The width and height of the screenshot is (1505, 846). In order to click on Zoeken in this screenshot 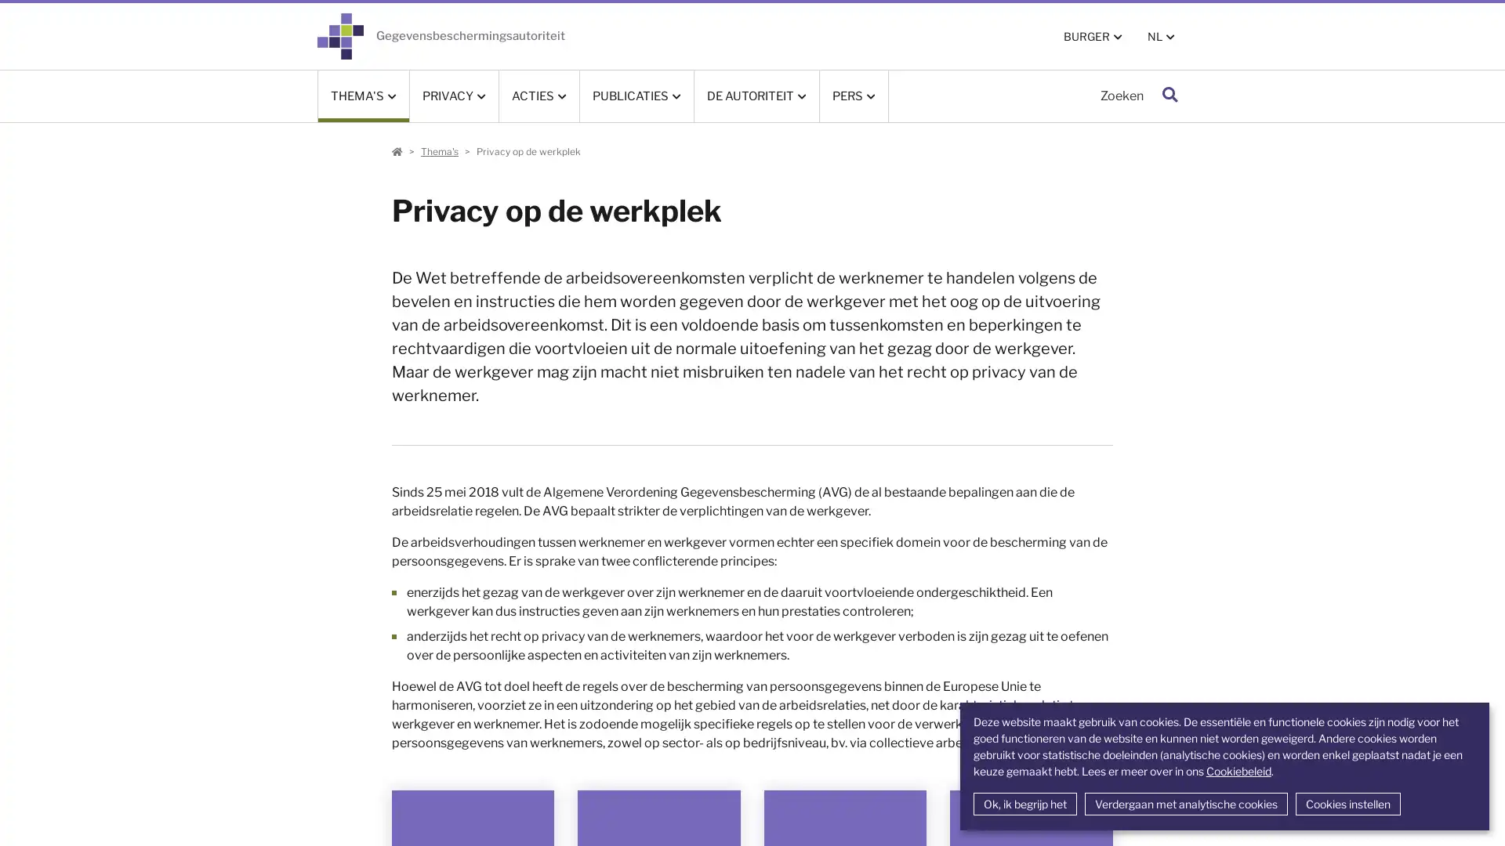, I will do `click(1170, 96)`.